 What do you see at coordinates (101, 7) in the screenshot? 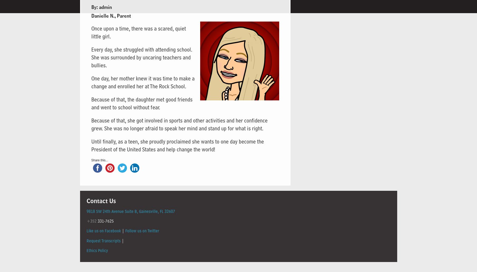
I see `'By: admin'` at bounding box center [101, 7].